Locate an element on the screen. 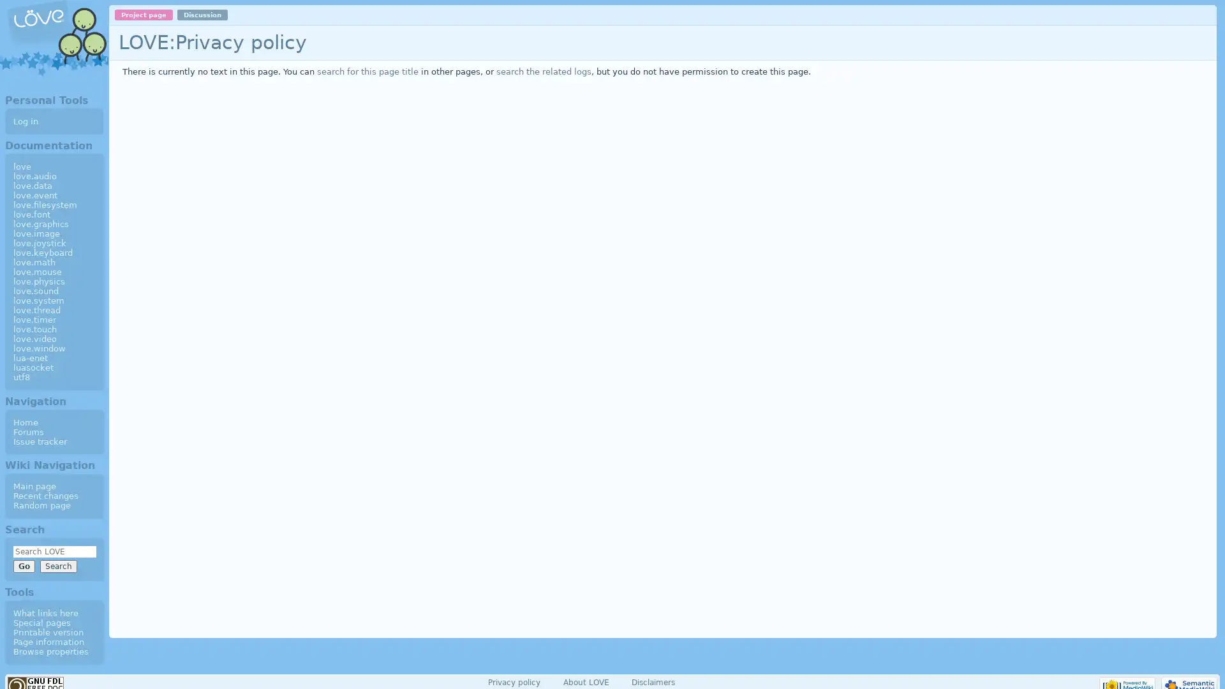 This screenshot has height=689, width=1225. Search is located at coordinates (57, 565).